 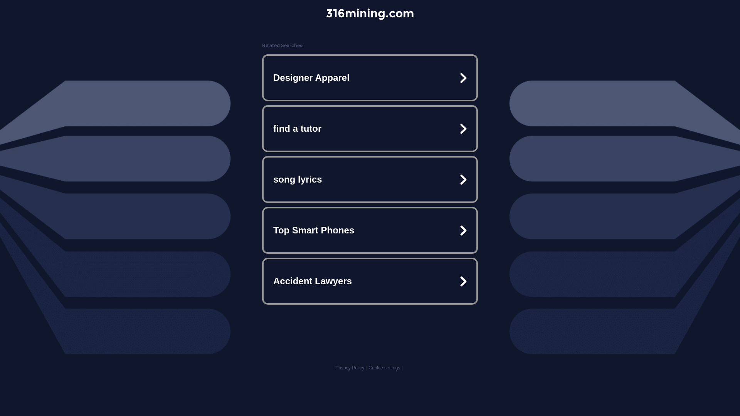 I want to click on '316mining.com', so click(x=370, y=13).